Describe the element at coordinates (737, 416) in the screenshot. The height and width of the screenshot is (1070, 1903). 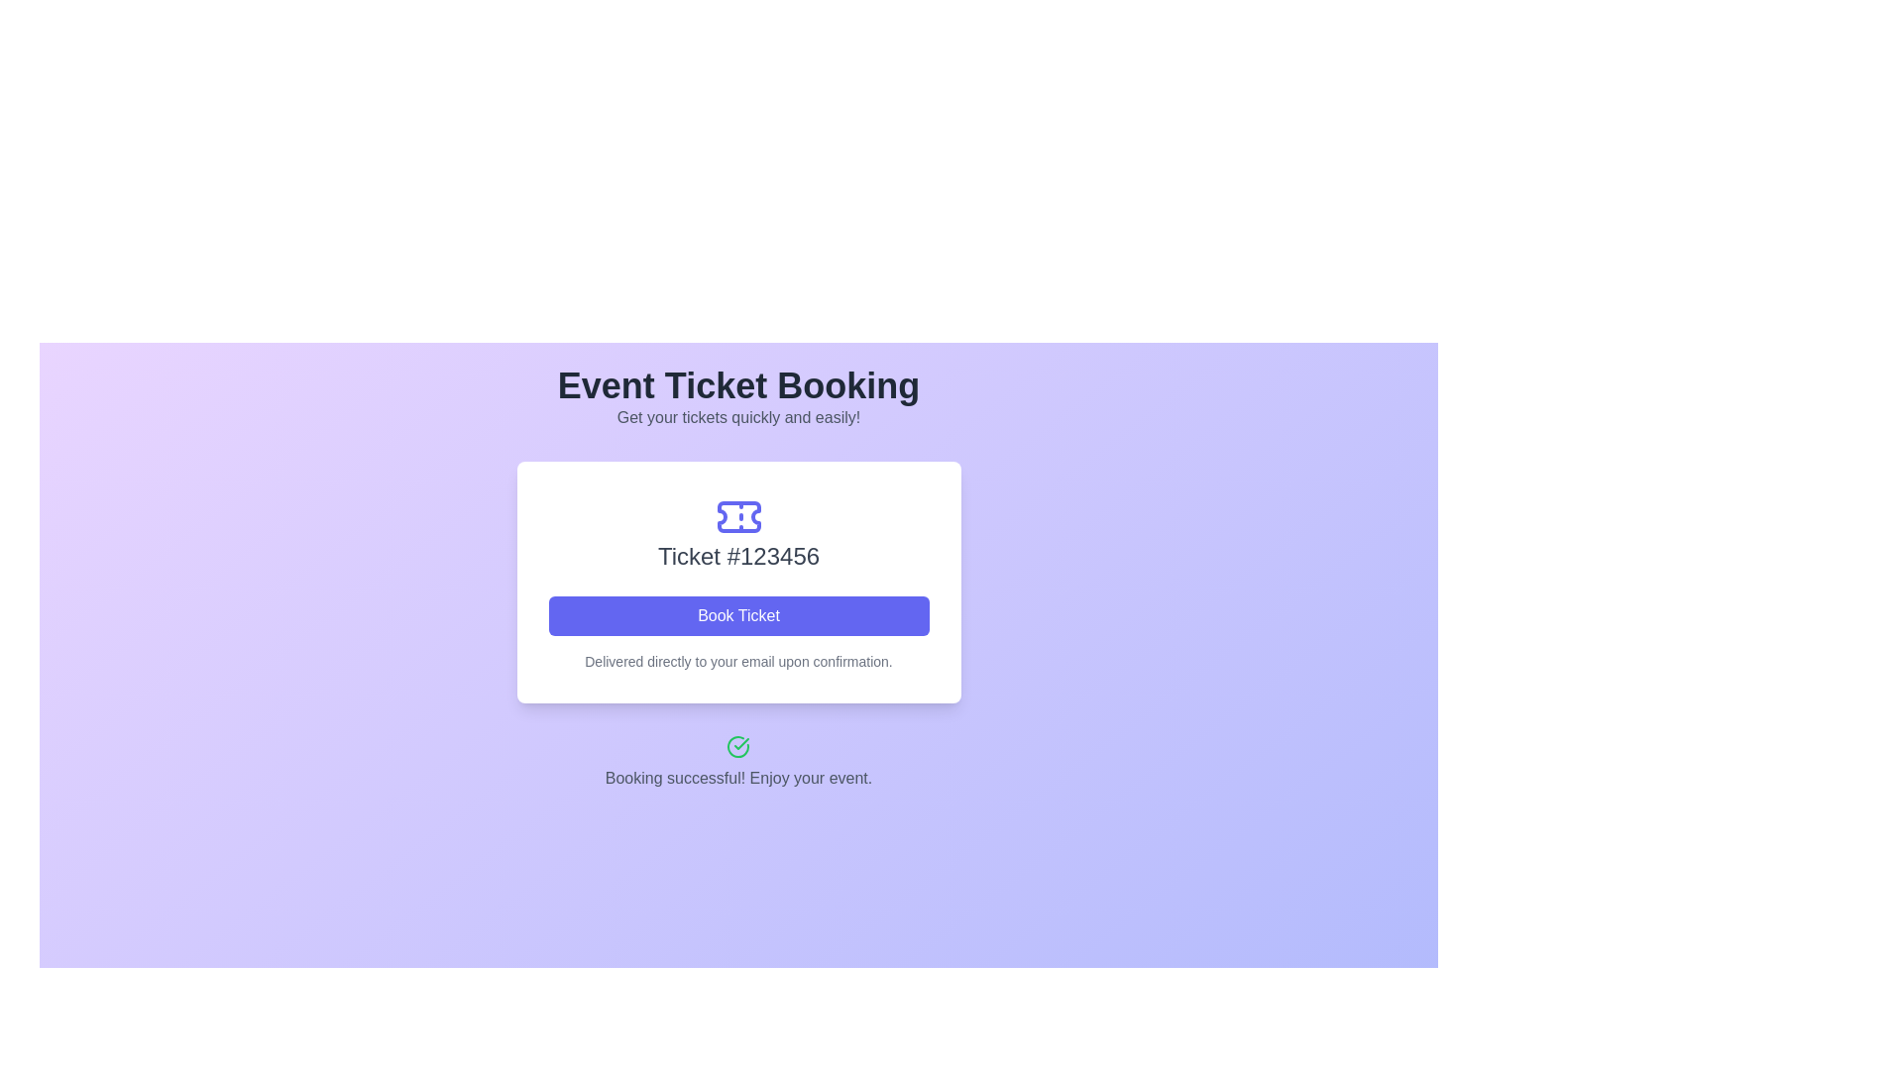
I see `the static informational text that provides additional context about the ticket booking process, located directly under the title 'Event Ticket Booking'` at that location.